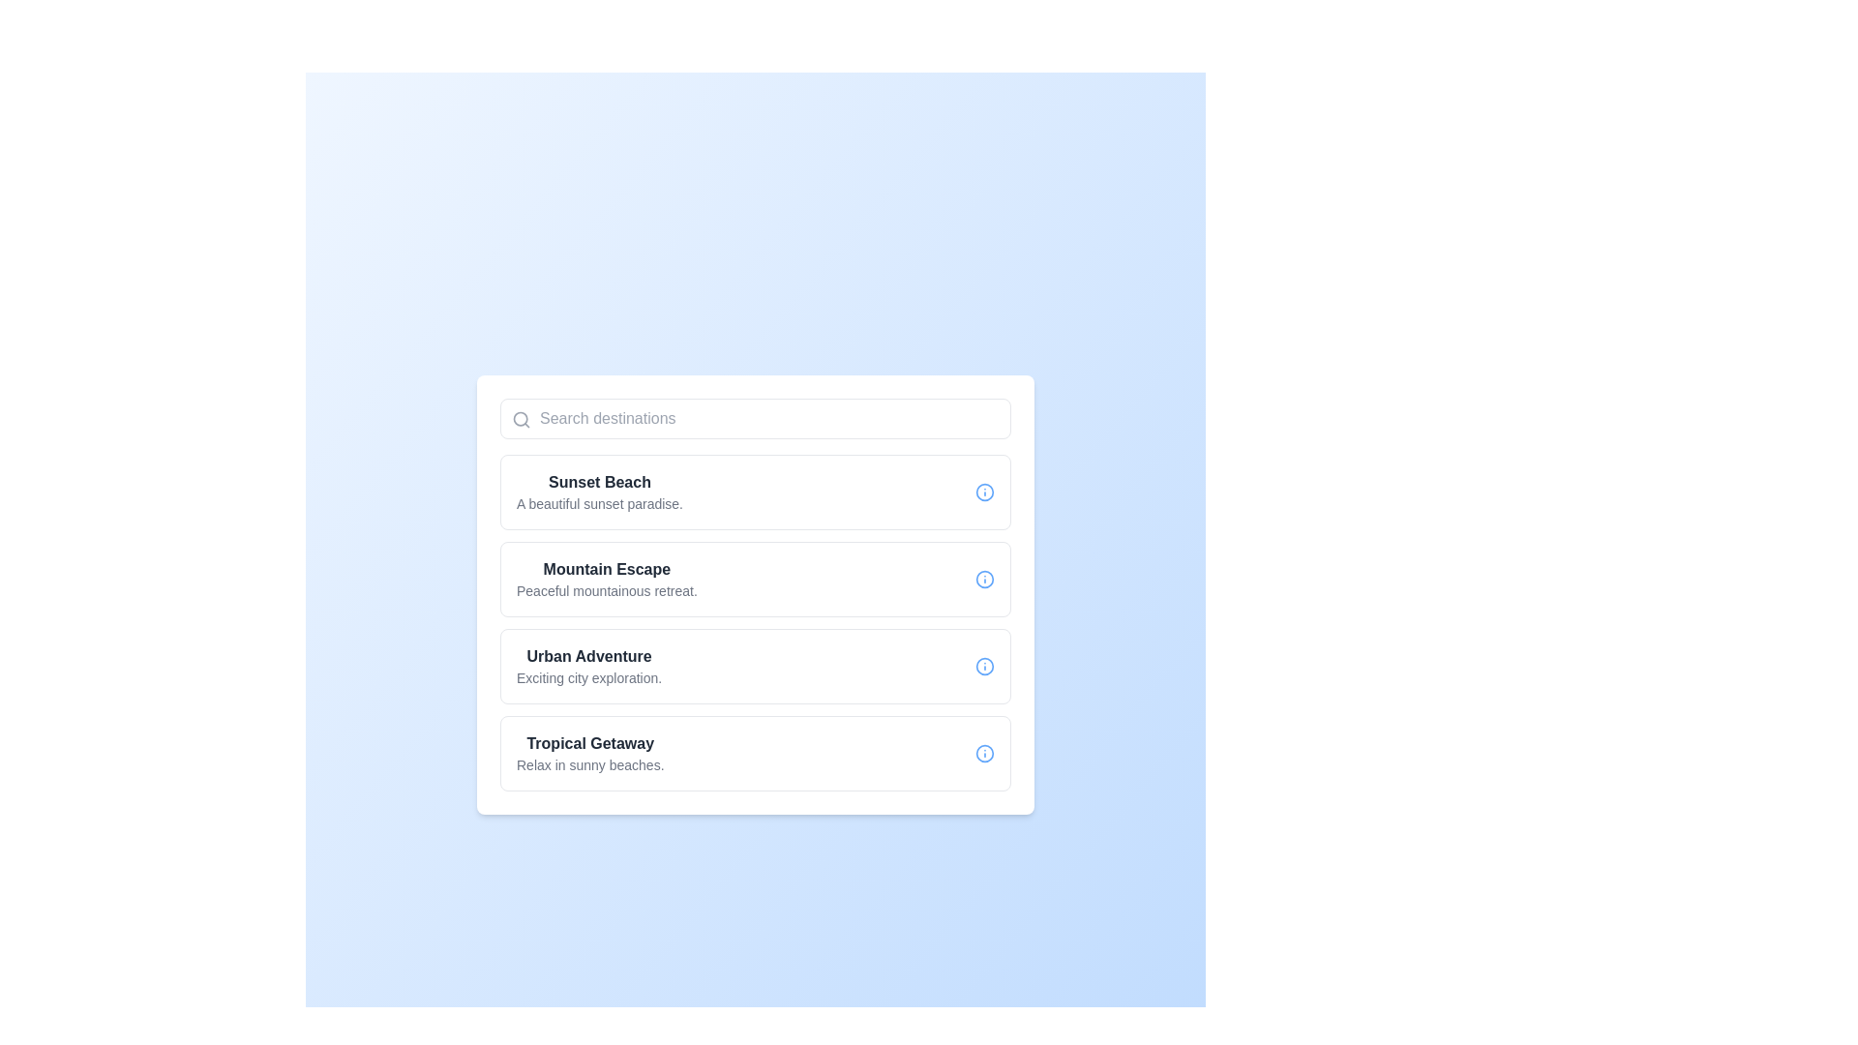 This screenshot has width=1858, height=1045. I want to click on the text block that contains the bold, dark gray text 'Mountain Escape' and the smaller, light gray text 'Peaceful mountainous retreat.', which is the second item in a vertically arranged list, so click(606, 578).